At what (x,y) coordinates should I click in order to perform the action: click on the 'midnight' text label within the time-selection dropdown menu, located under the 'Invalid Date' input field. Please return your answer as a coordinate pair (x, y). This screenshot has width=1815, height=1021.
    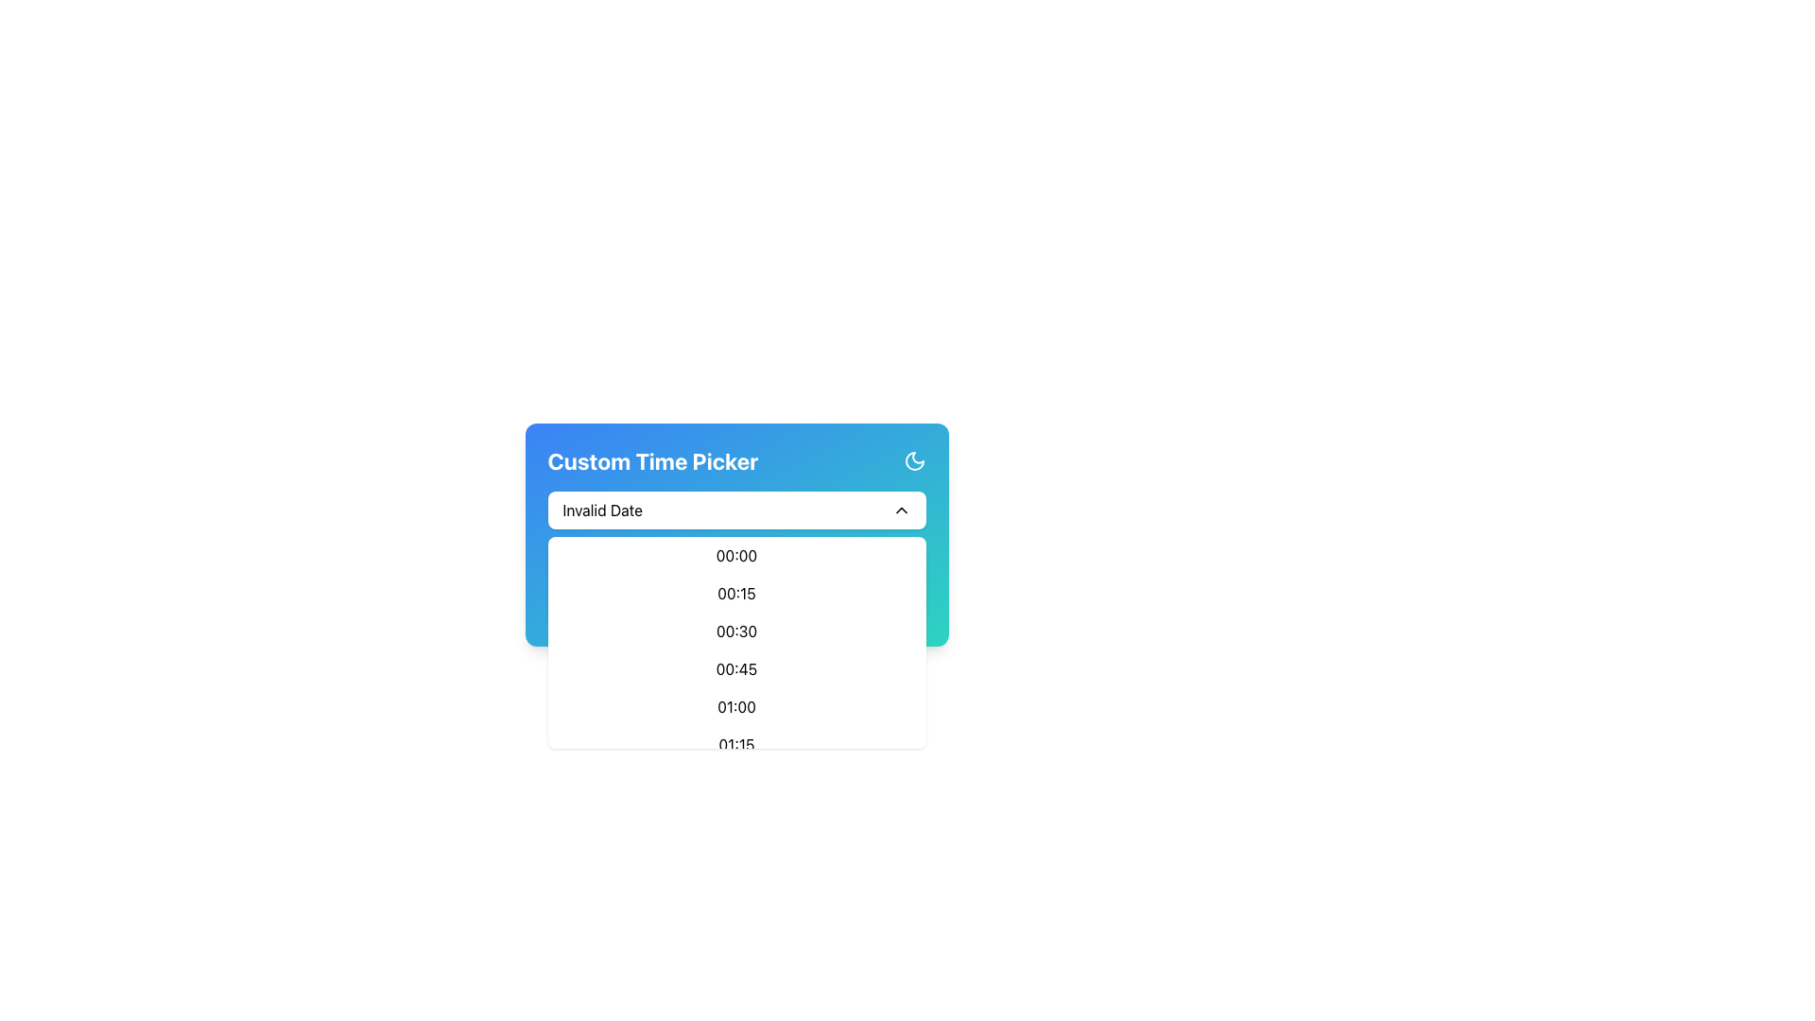
    Looking at the image, I should click on (735, 554).